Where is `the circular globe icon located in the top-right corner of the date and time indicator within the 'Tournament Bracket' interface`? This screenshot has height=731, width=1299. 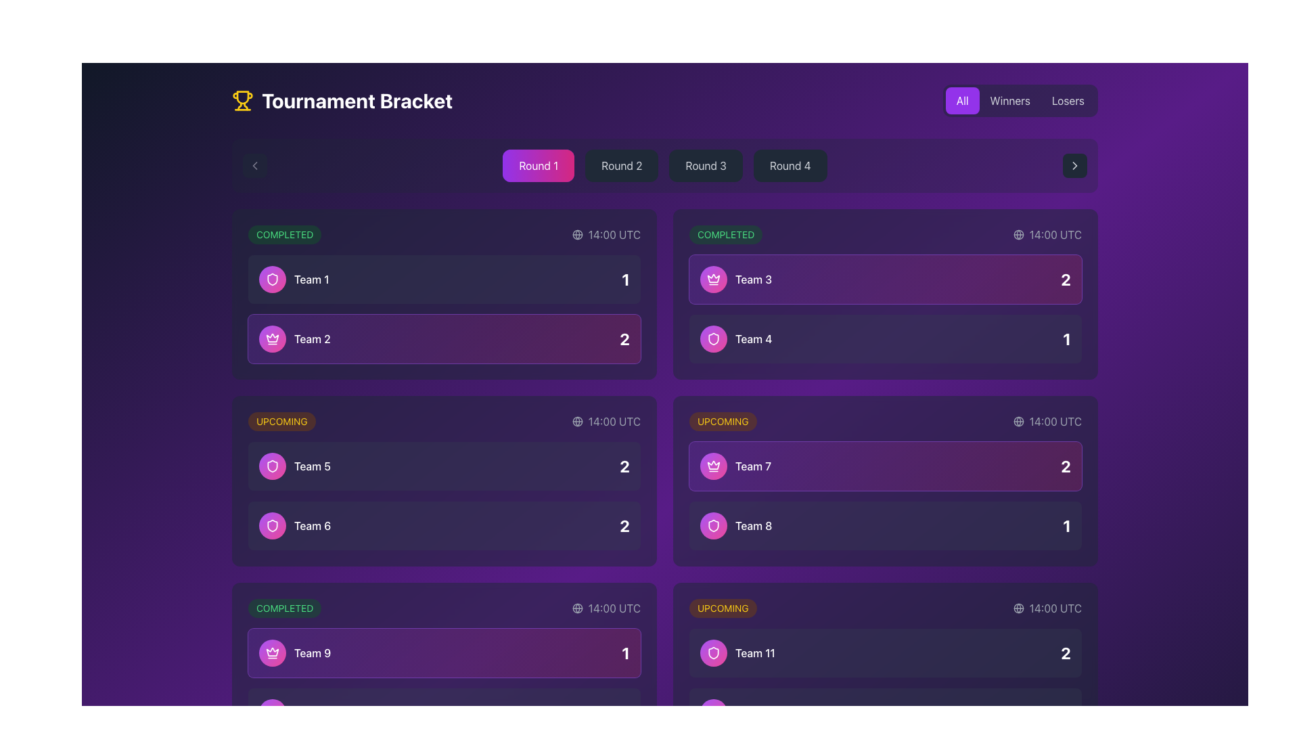 the circular globe icon located in the top-right corner of the date and time indicator within the 'Tournament Bracket' interface is located at coordinates (1018, 607).